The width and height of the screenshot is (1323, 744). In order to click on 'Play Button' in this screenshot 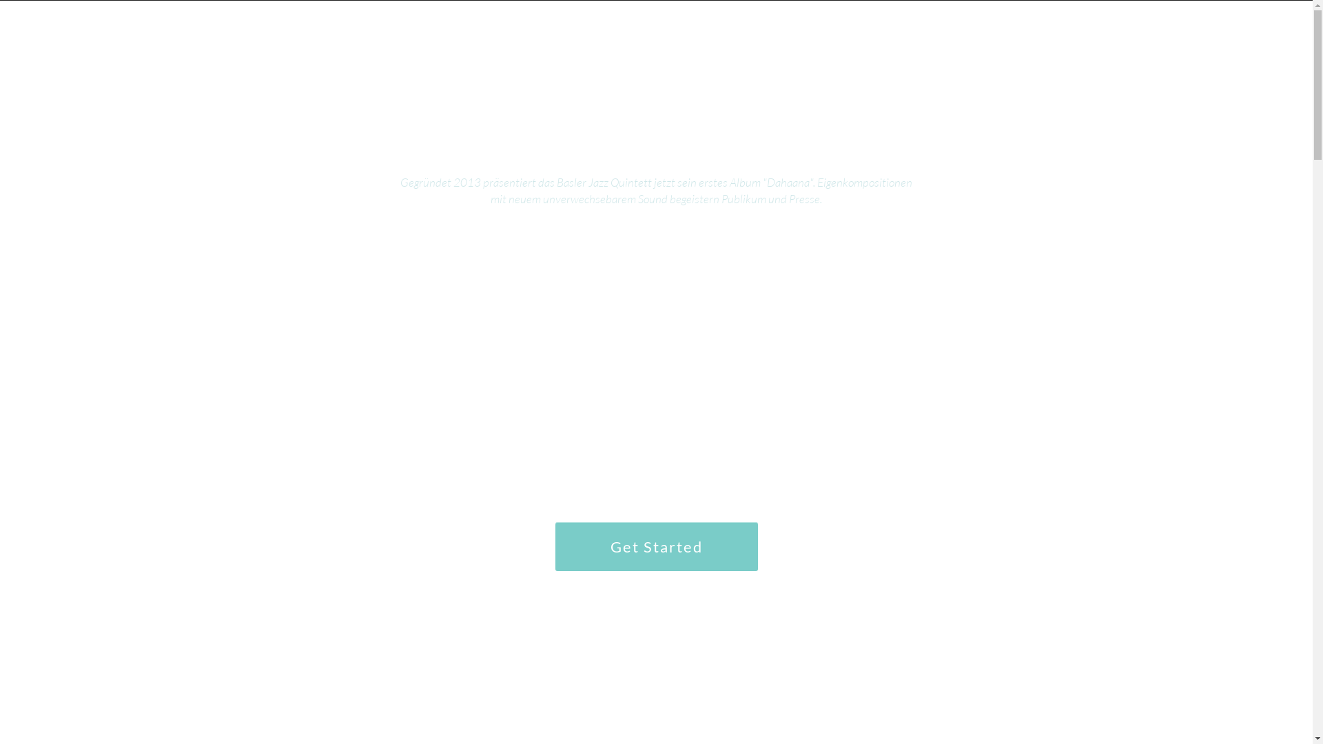, I will do `click(655, 308)`.